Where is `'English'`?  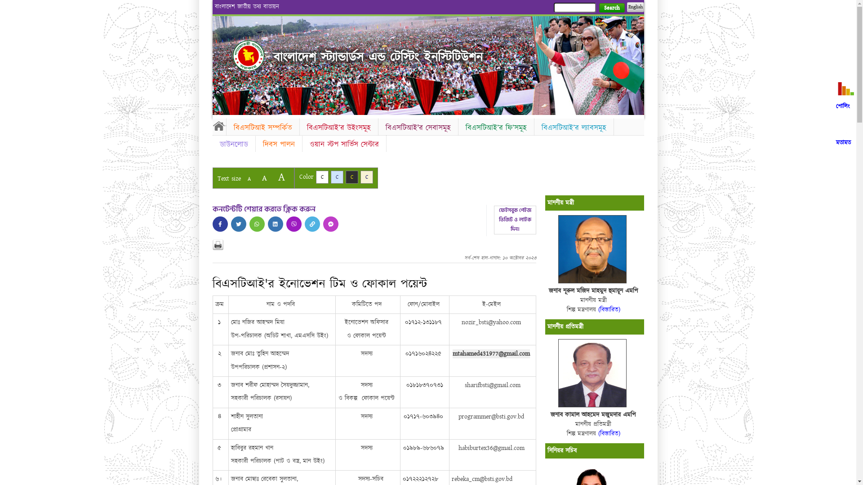
'English' is located at coordinates (626, 7).